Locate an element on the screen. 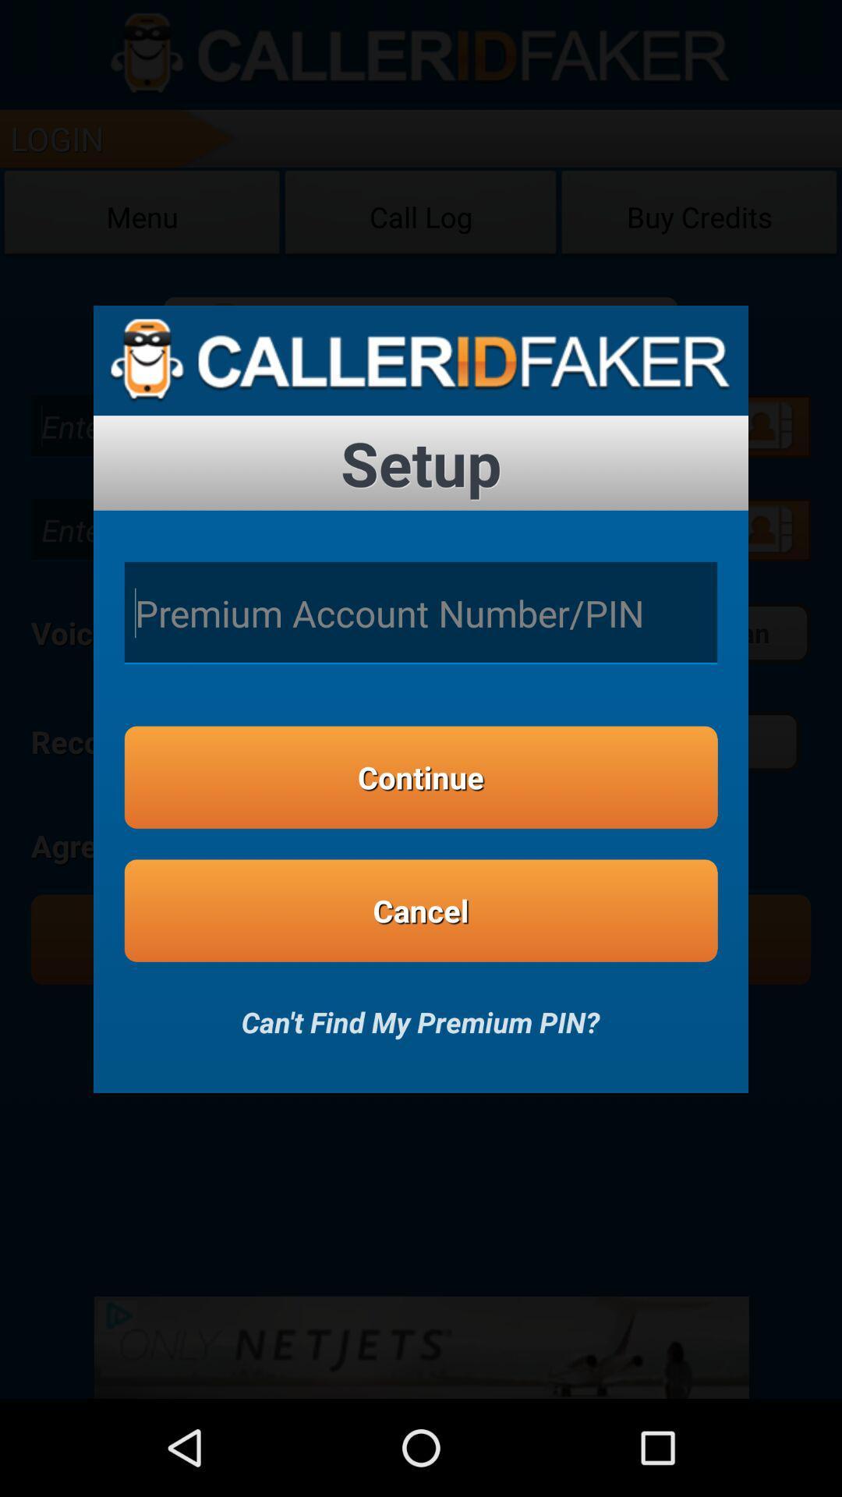 The width and height of the screenshot is (842, 1497). icon above can t find is located at coordinates (421, 911).